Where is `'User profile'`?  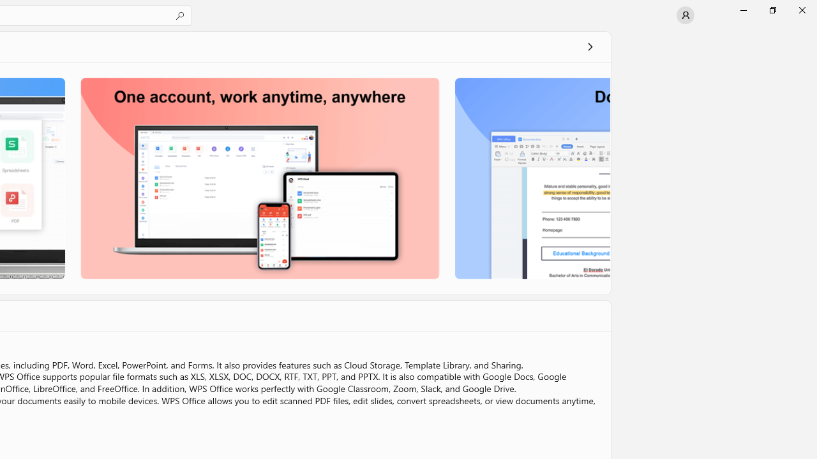 'User profile' is located at coordinates (684, 15).